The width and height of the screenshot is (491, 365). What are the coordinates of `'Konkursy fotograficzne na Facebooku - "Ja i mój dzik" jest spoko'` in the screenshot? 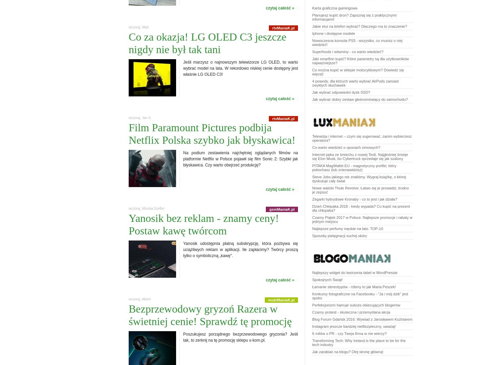 It's located at (312, 295).